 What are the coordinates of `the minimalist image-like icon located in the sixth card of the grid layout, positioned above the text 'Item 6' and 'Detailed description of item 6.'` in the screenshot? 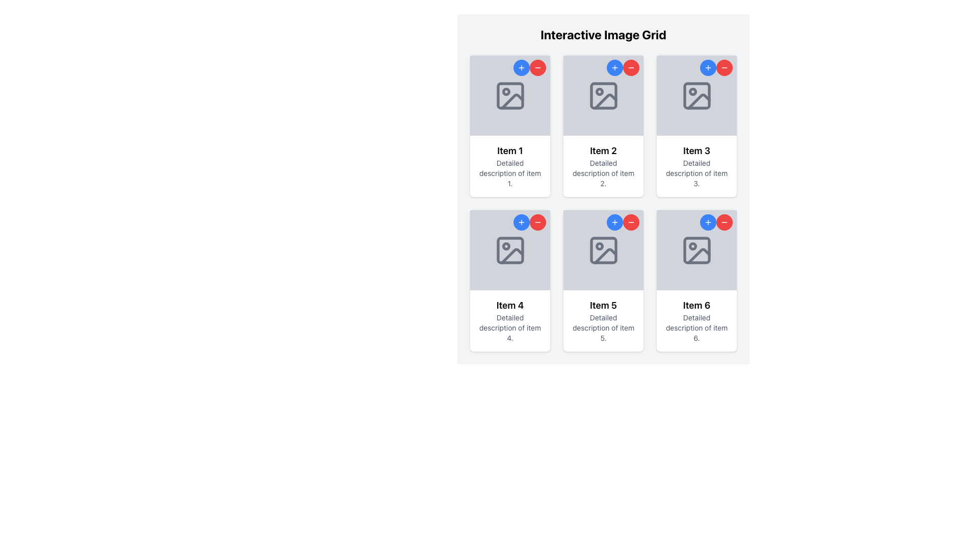 It's located at (696, 250).